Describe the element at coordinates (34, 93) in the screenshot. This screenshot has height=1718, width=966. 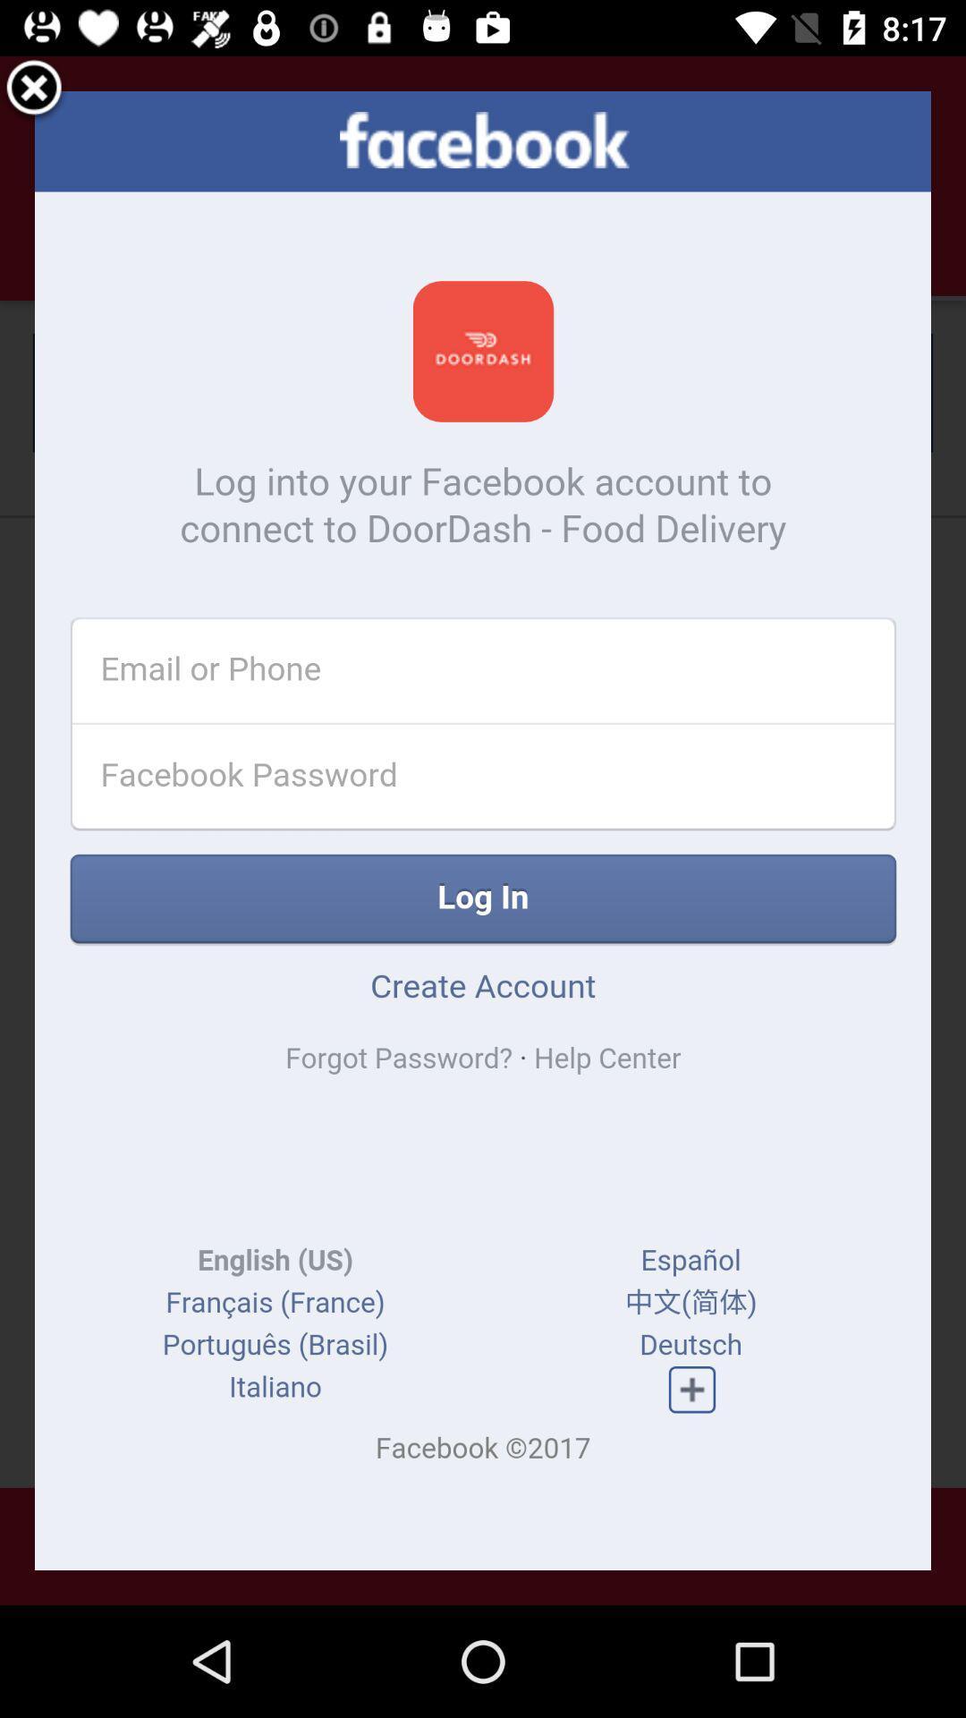
I see `the close icon` at that location.